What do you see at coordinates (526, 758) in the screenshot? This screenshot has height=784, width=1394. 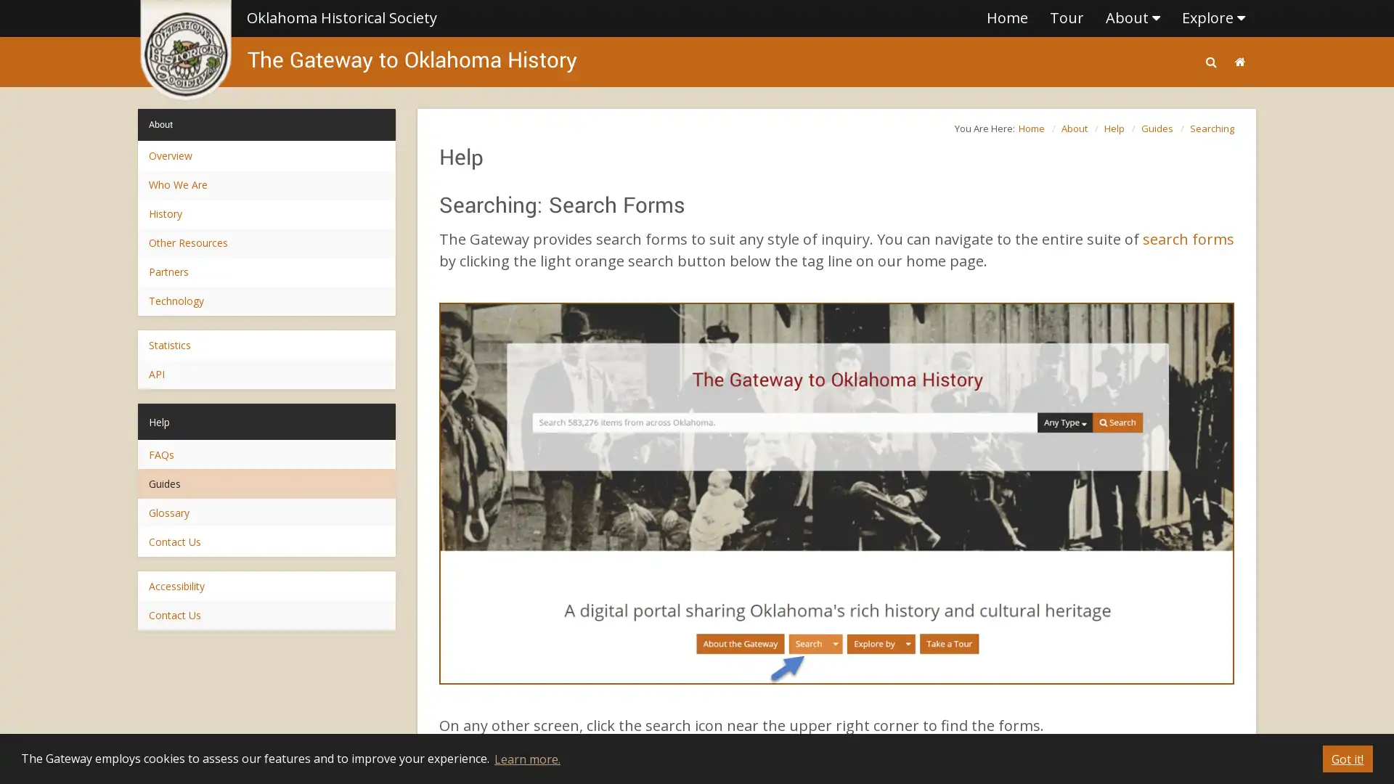 I see `learn more about cookies` at bounding box center [526, 758].